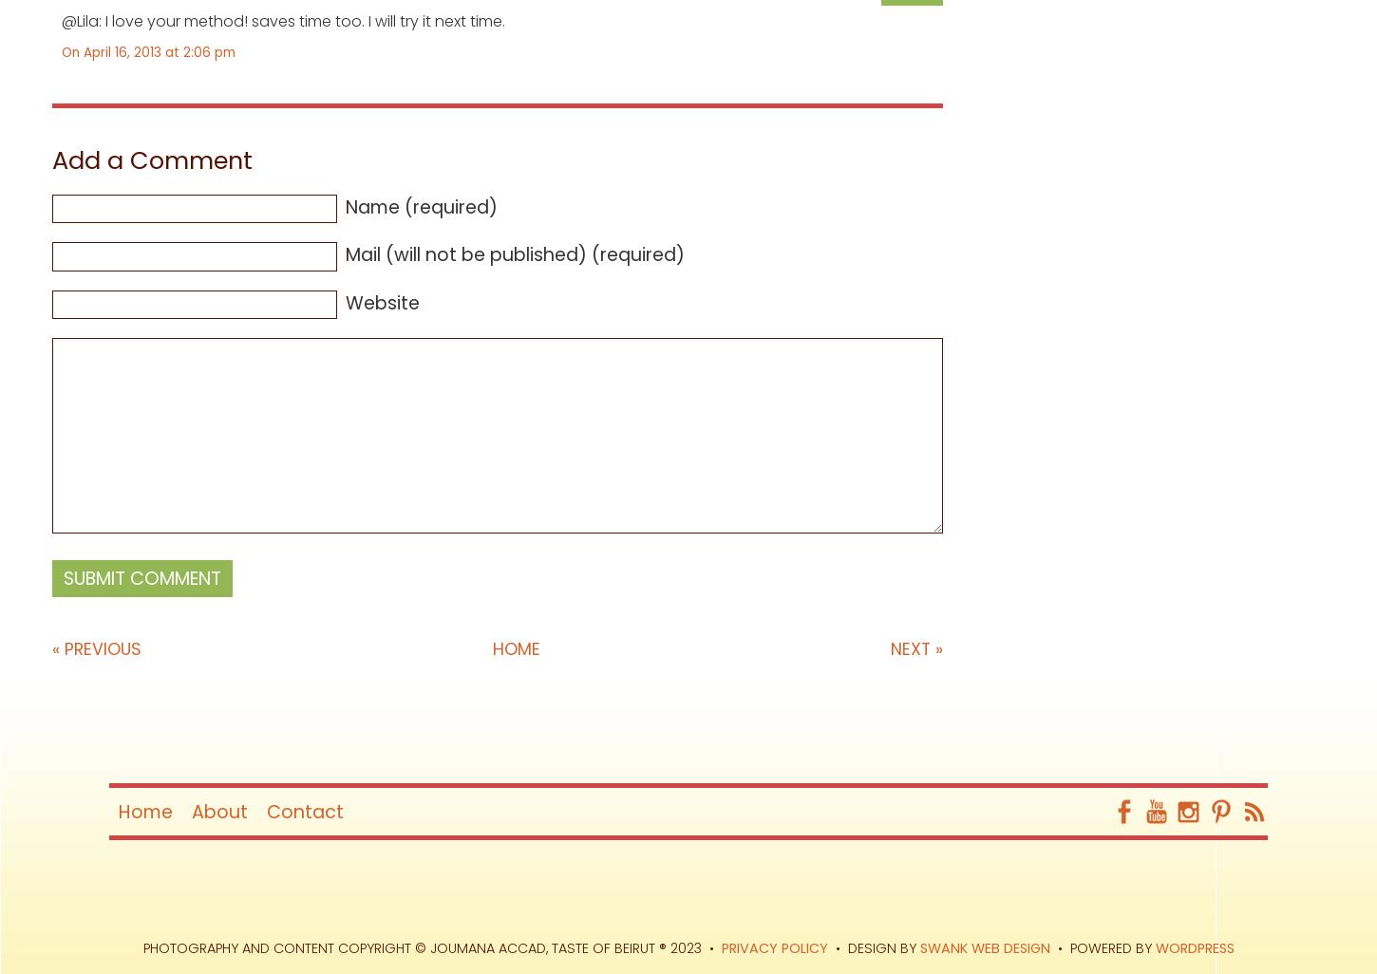 The image size is (1377, 974). I want to click on 'Home', so click(516, 648).